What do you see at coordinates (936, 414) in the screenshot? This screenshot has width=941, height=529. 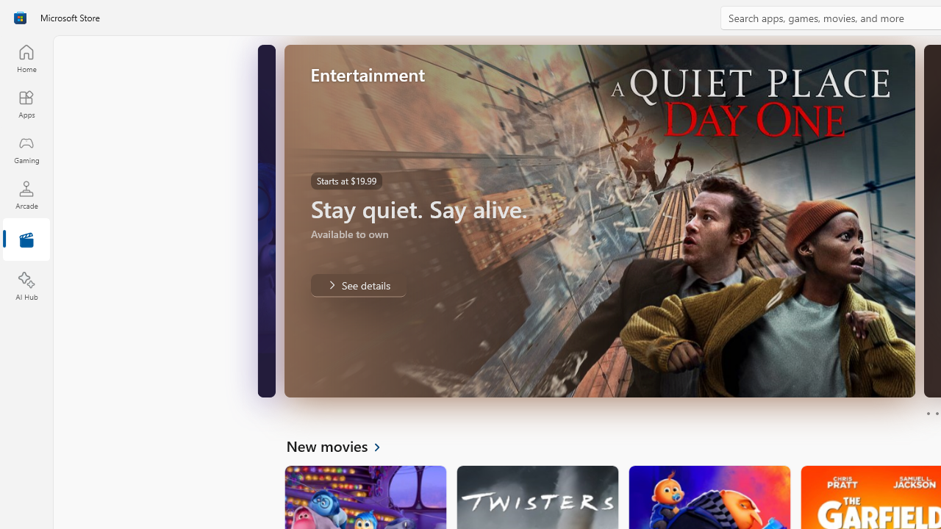 I see `'Page 2'` at bounding box center [936, 414].